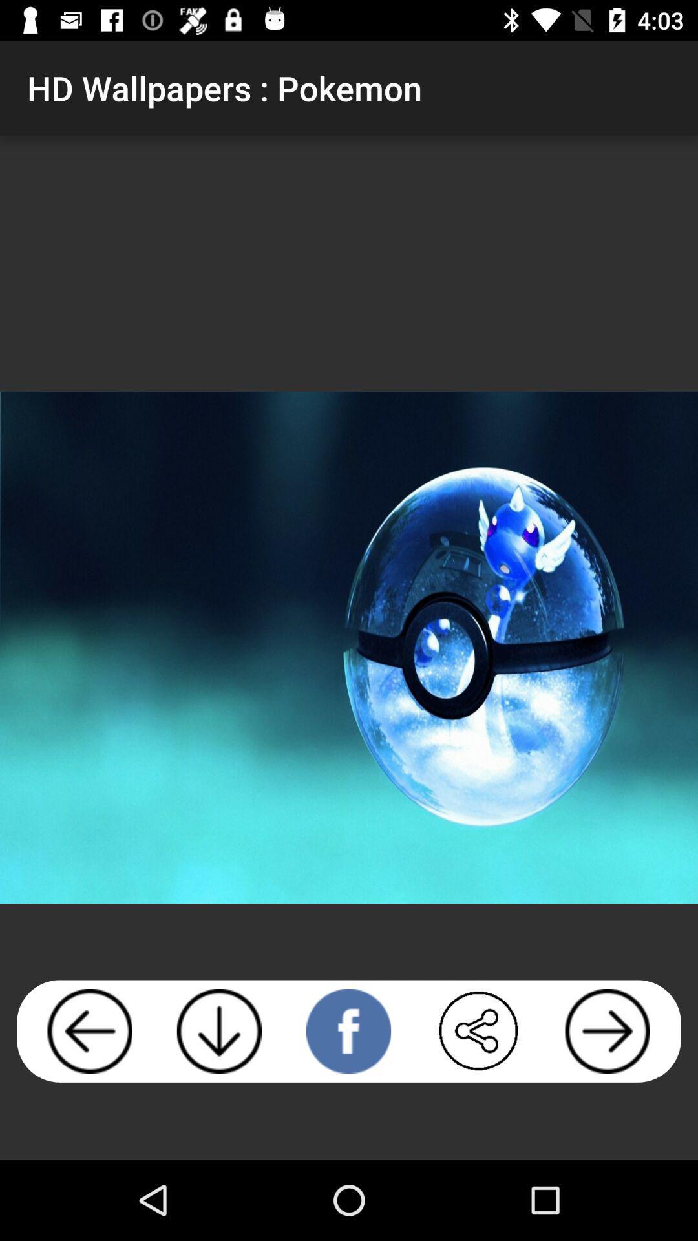 This screenshot has height=1241, width=698. I want to click on the facebook icon, so click(348, 1030).